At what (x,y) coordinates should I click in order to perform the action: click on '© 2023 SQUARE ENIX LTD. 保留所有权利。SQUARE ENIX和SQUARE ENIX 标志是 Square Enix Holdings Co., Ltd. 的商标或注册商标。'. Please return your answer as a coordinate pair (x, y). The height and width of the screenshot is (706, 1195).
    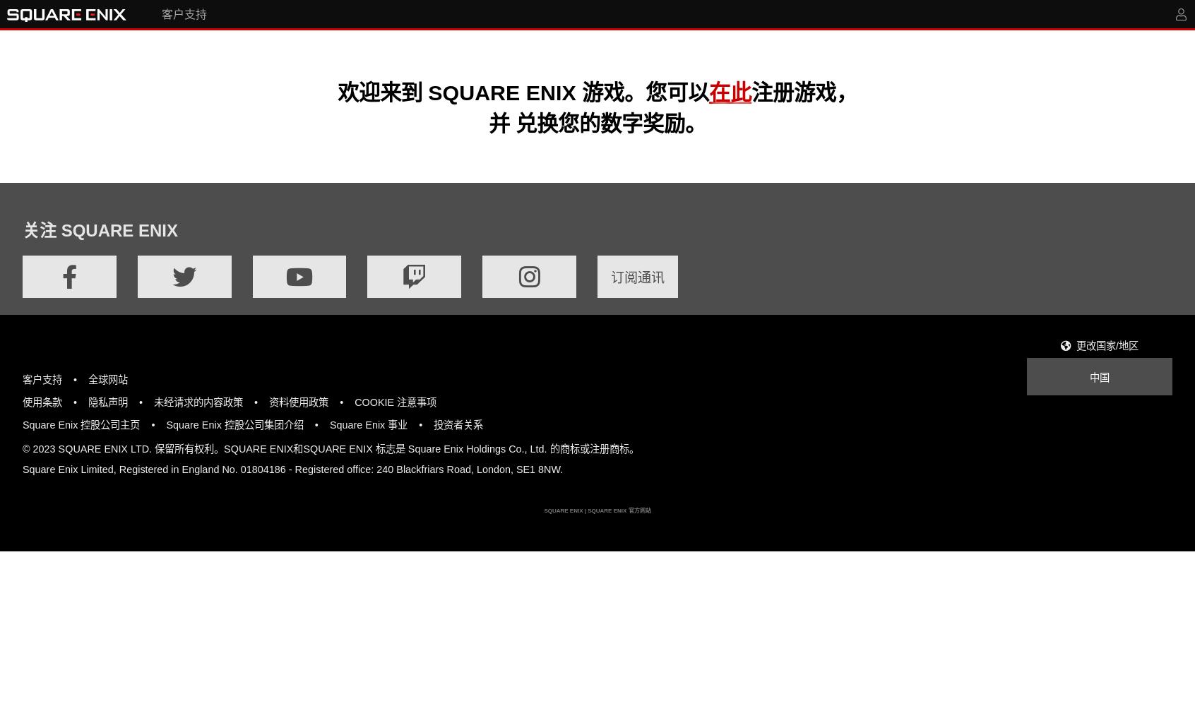
    Looking at the image, I should click on (330, 449).